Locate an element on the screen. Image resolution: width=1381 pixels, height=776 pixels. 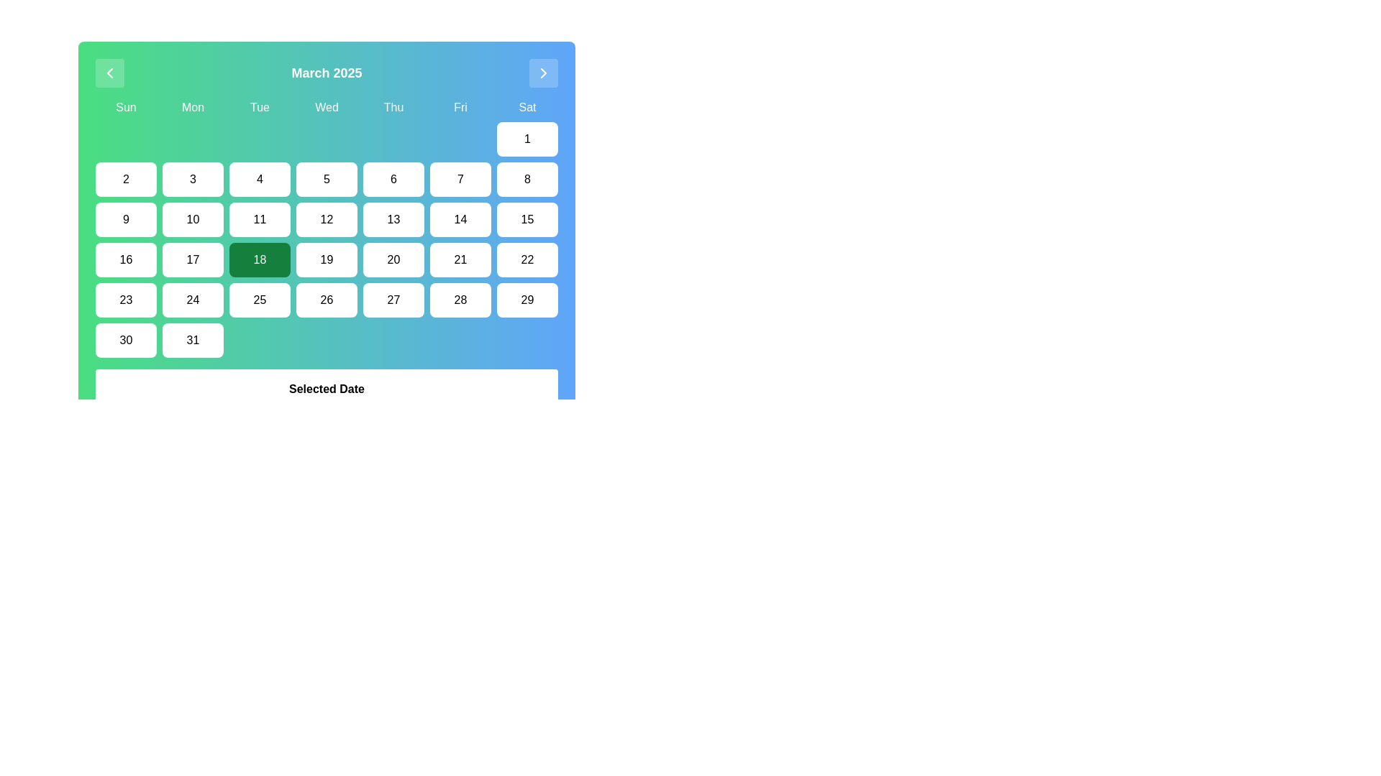
the rectangular button with rounded corners and white background that displays the text '13' is located at coordinates (393, 219).